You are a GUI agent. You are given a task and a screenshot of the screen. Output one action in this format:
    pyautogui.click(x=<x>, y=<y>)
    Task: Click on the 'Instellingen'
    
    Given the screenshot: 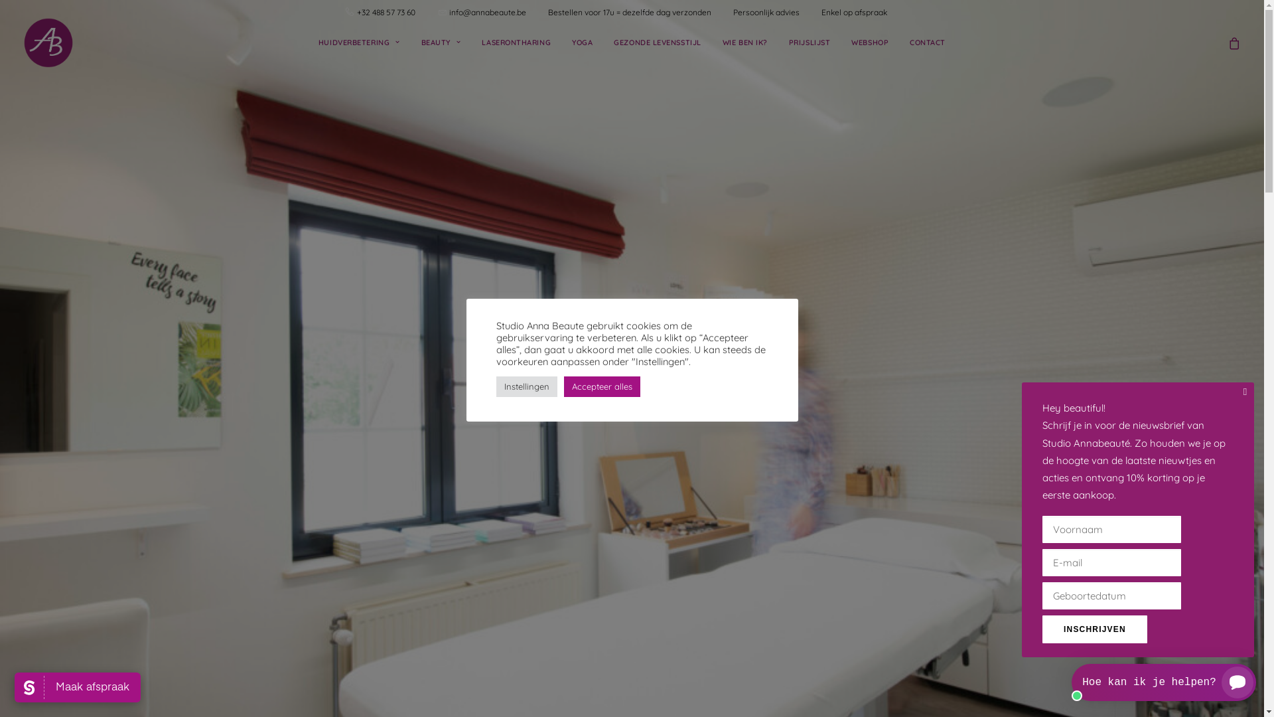 What is the action you would take?
    pyautogui.click(x=526, y=386)
    